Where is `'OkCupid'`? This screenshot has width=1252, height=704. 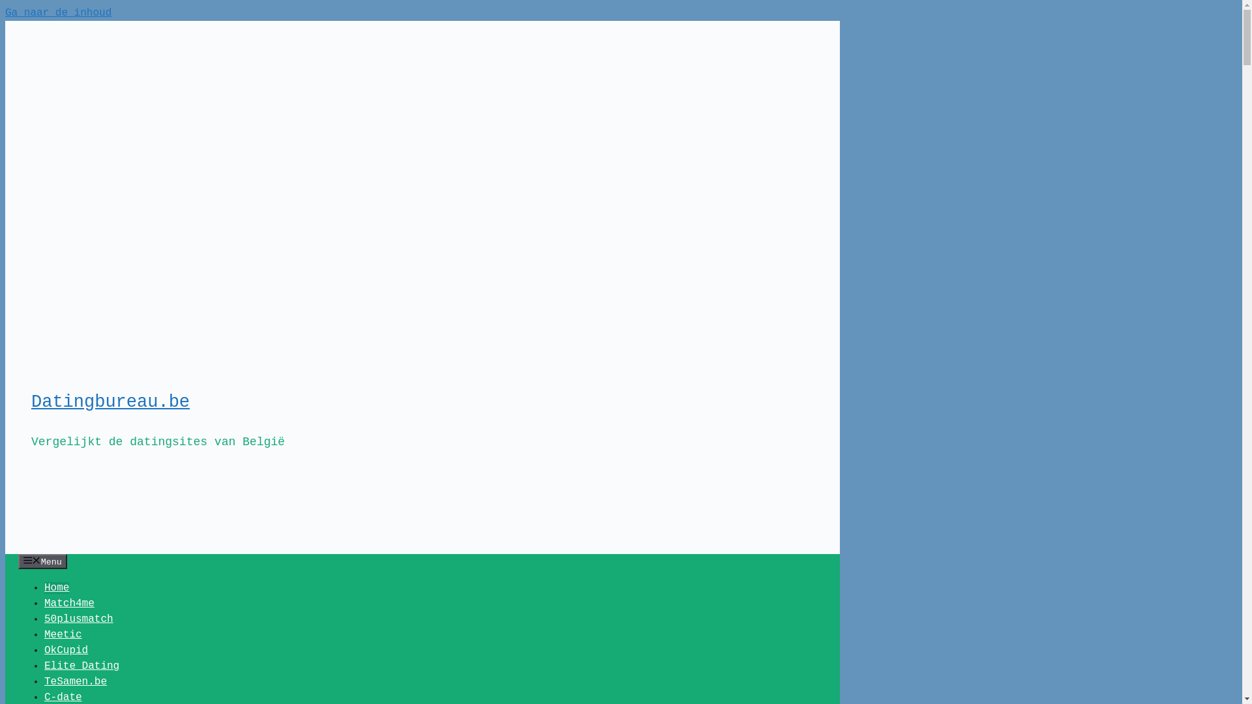
'OkCupid' is located at coordinates (65, 651).